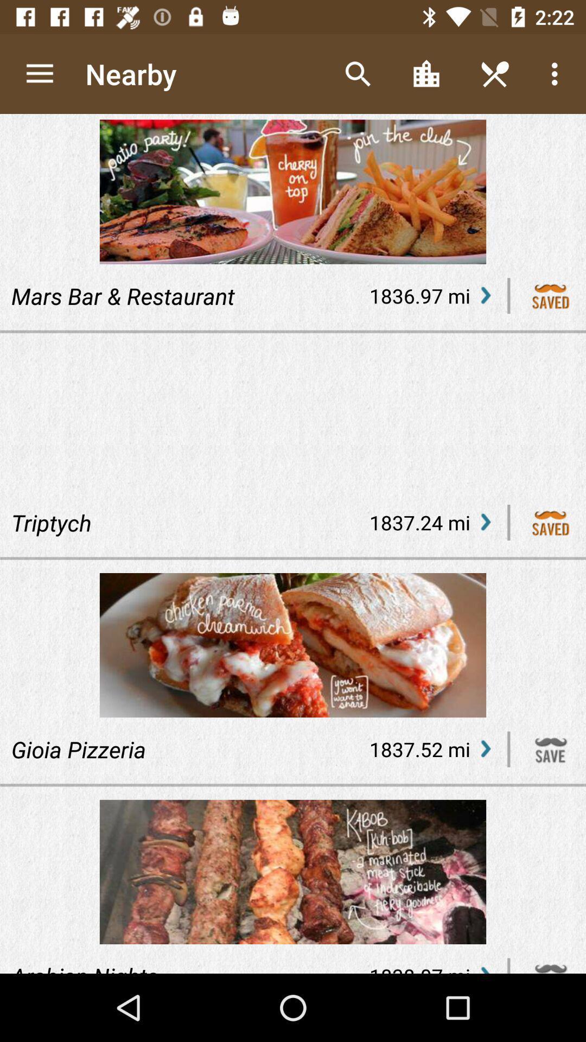  Describe the element at coordinates (39, 73) in the screenshot. I see `the icon above the mars bar & restaurant  item` at that location.